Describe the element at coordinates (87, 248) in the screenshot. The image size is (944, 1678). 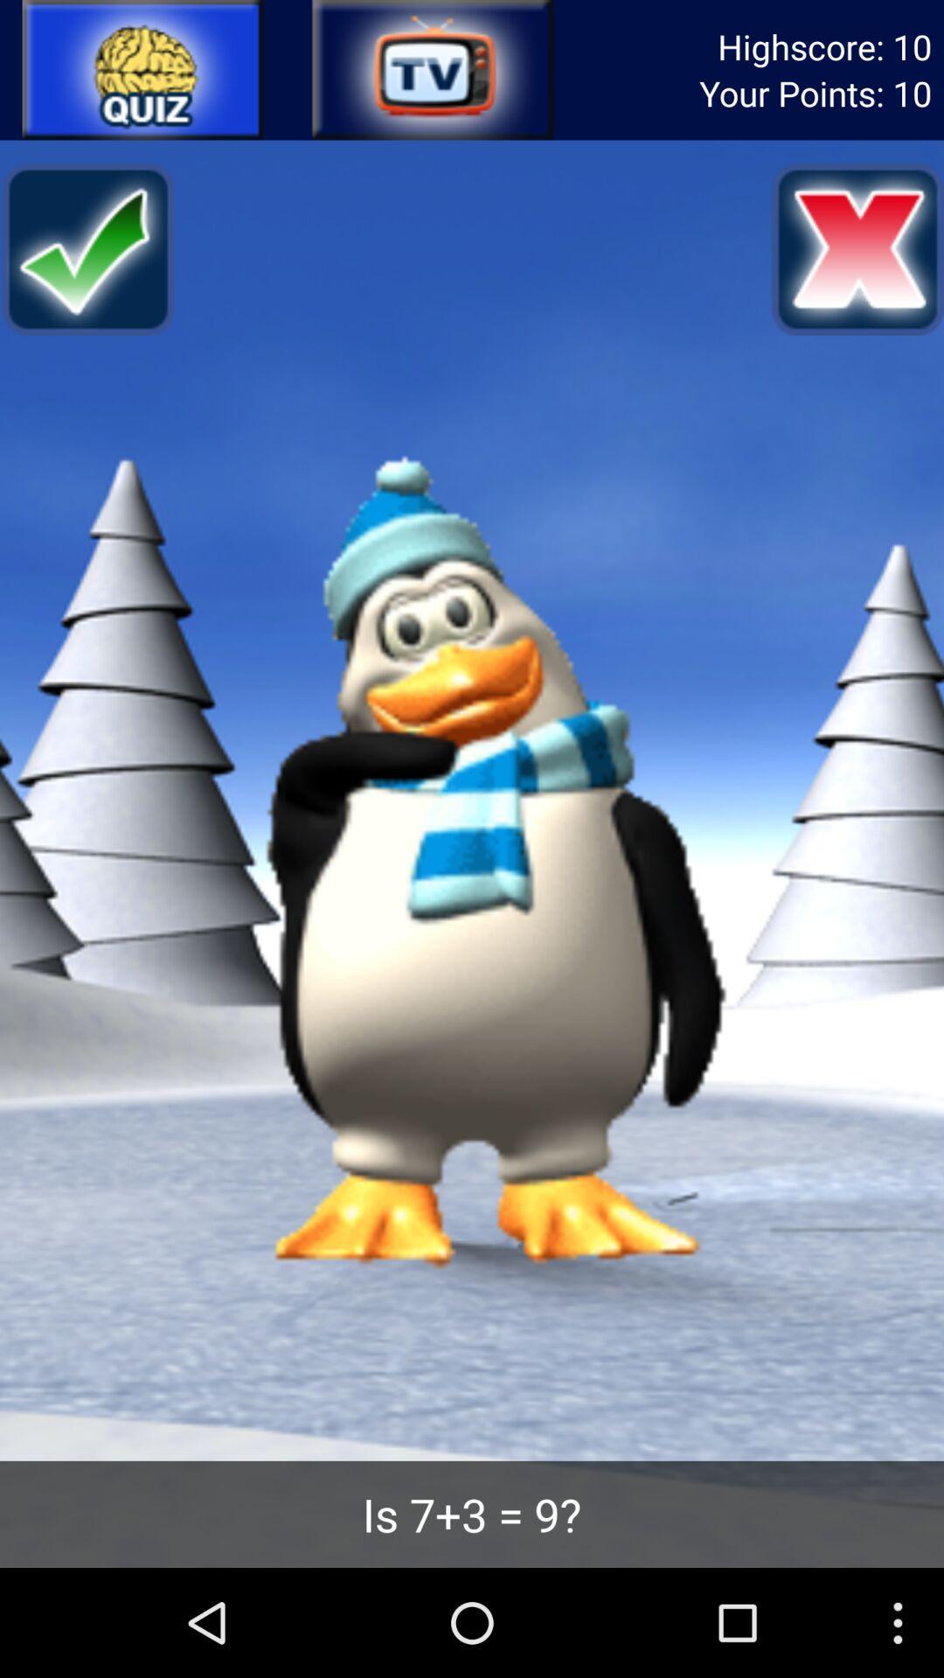
I see `correcting option` at that location.